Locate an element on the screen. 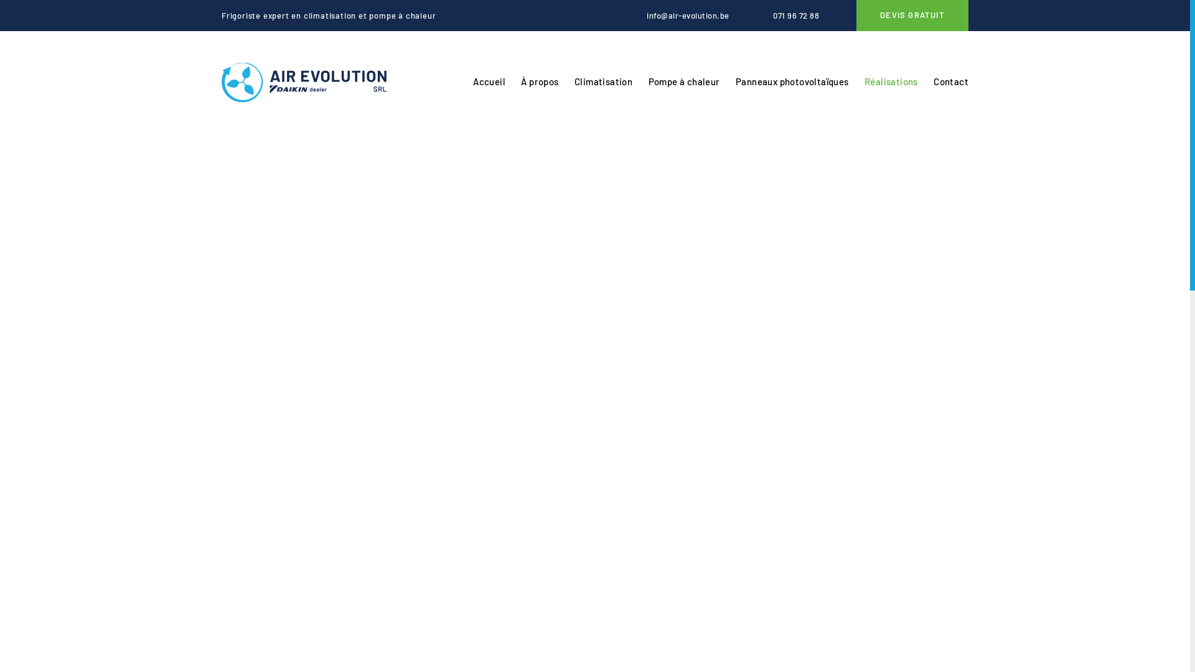  'info@air-evolution.be' is located at coordinates (678, 15).